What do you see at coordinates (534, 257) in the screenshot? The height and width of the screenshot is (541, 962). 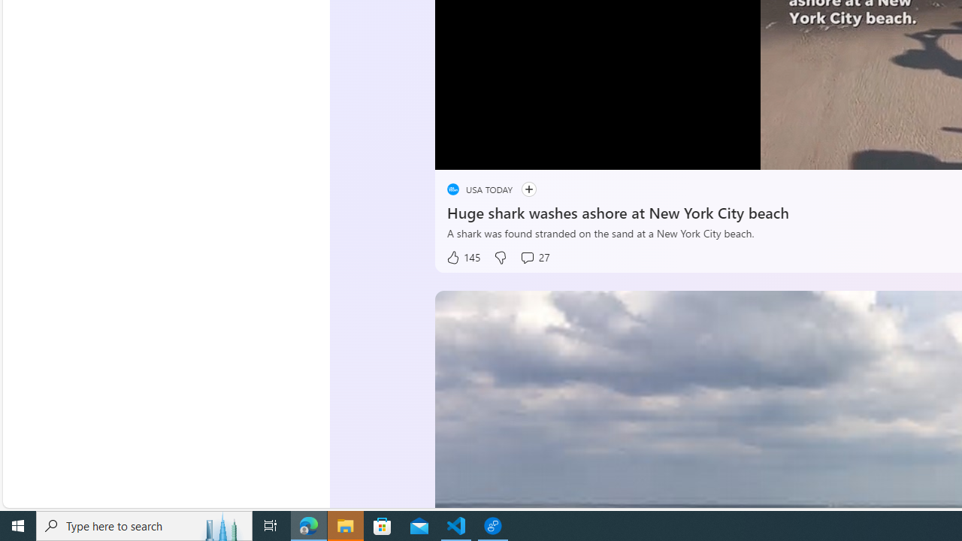 I see `'View comments 27 Comment'` at bounding box center [534, 257].